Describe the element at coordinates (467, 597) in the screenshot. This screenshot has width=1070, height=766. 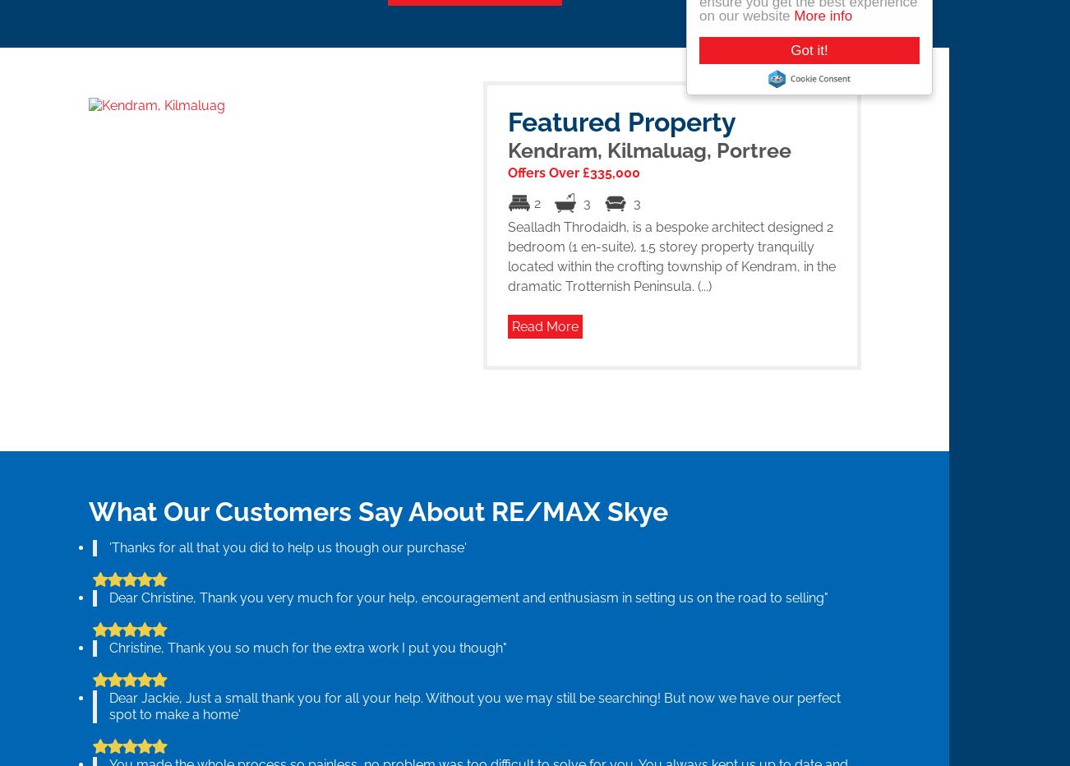
I see `'Dear Christine, Thank you very much for your help, encouragement and enthusiasm in setting us on the road to selling"'` at that location.